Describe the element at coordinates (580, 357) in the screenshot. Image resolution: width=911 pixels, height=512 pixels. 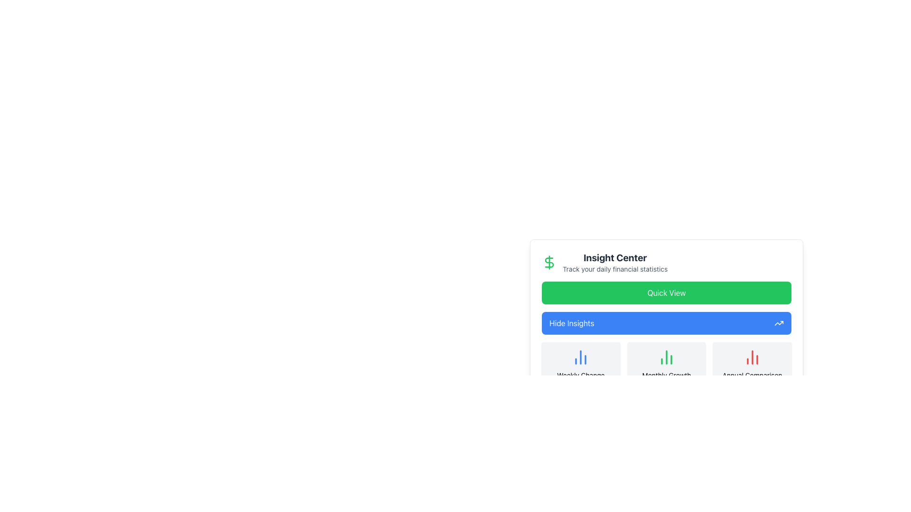
I see `the bar chart icon, which is a blue icon consisting of three vertical bars with rounded edges, located above the text 'Weekly Change'` at that location.